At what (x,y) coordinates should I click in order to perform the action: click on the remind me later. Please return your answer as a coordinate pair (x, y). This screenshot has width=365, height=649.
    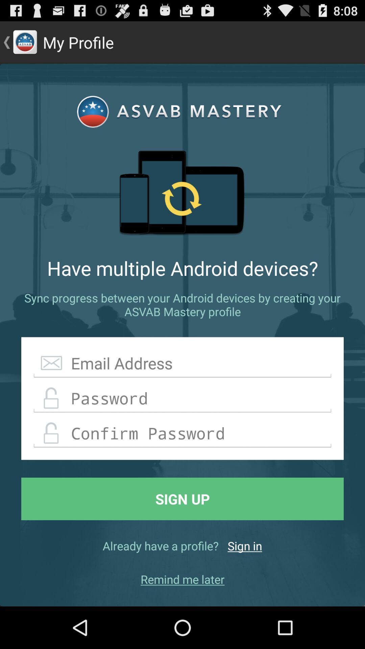
    Looking at the image, I should click on (182, 579).